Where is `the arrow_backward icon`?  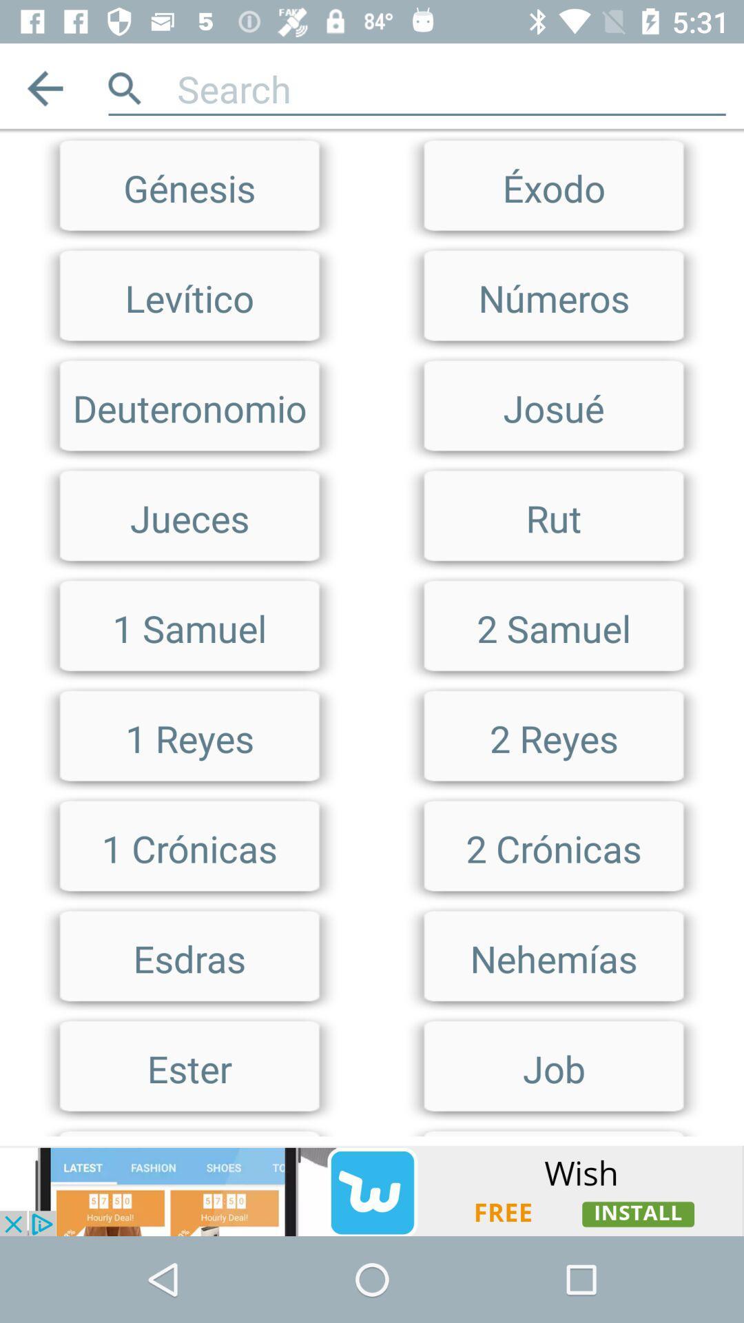 the arrow_backward icon is located at coordinates (44, 88).